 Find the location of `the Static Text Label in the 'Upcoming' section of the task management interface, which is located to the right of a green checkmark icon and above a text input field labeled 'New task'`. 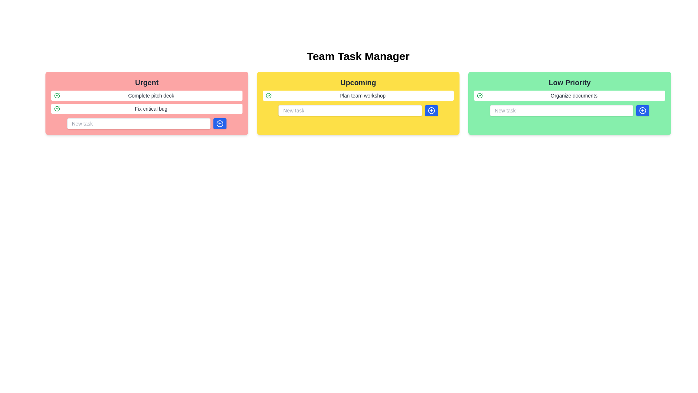

the Static Text Label in the 'Upcoming' section of the task management interface, which is located to the right of a green checkmark icon and above a text input field labeled 'New task' is located at coordinates (362, 95).